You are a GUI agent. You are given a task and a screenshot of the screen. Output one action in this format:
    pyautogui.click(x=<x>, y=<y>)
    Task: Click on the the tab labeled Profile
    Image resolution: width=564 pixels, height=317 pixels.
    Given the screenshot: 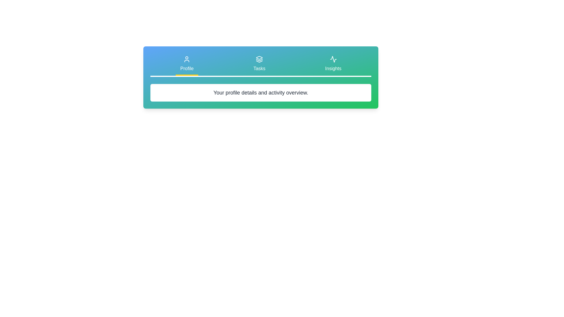 What is the action you would take?
    pyautogui.click(x=186, y=64)
    